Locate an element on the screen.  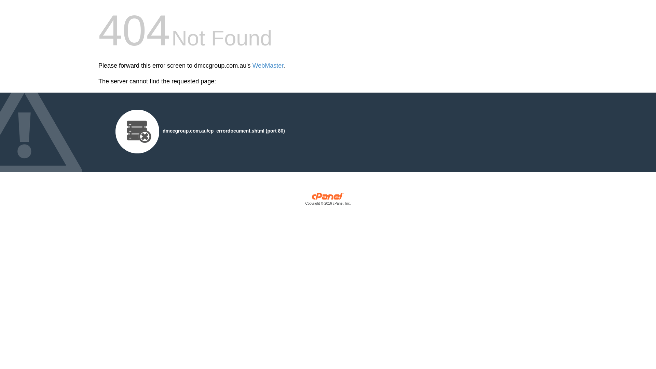
'WebMaster' is located at coordinates (252, 66).